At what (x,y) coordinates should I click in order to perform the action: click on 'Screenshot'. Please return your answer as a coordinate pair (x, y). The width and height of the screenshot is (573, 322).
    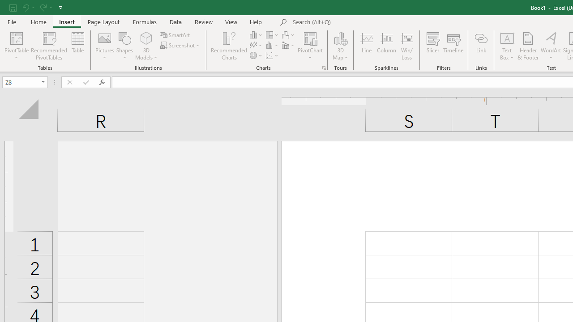
    Looking at the image, I should click on (180, 45).